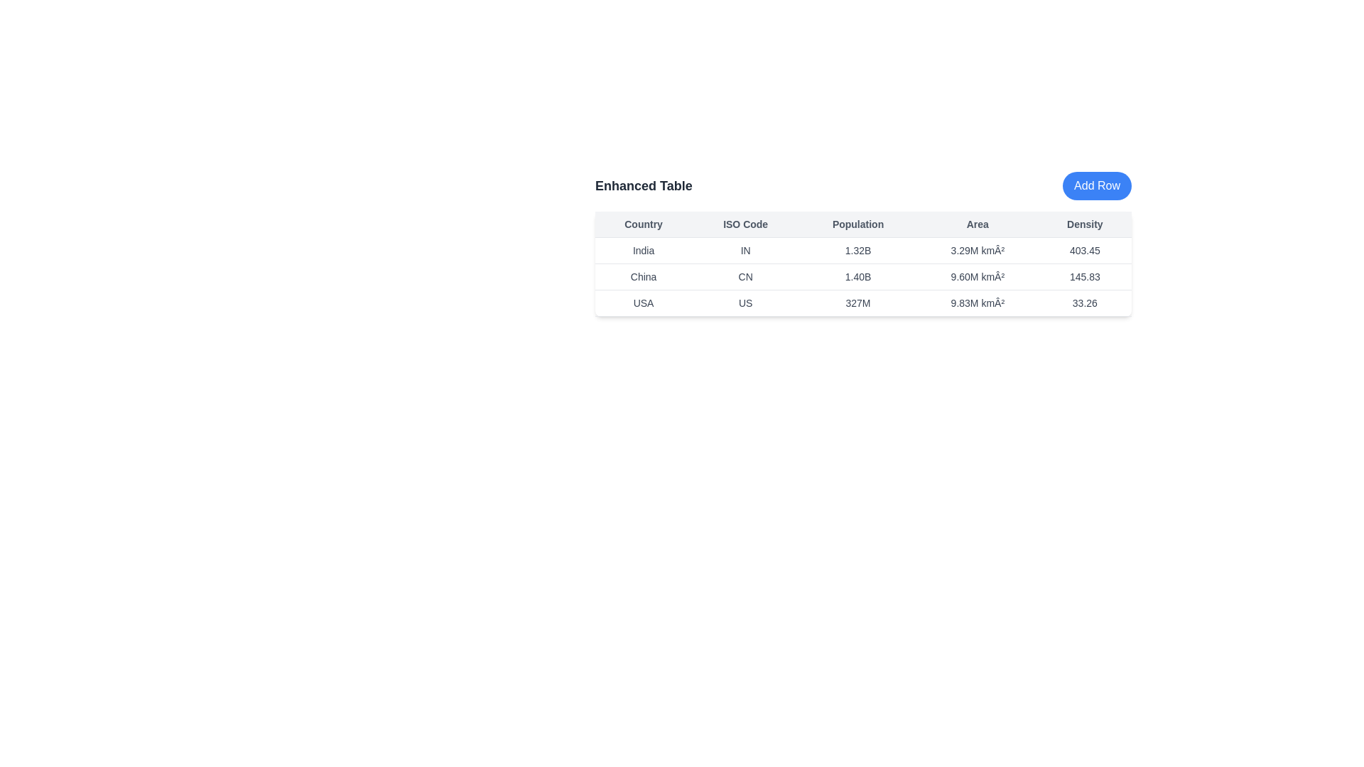  I want to click on the Text Label displaying the ISO code for China, which is located in the 'ISO Code' column of the corresponding row, so click(745, 276).